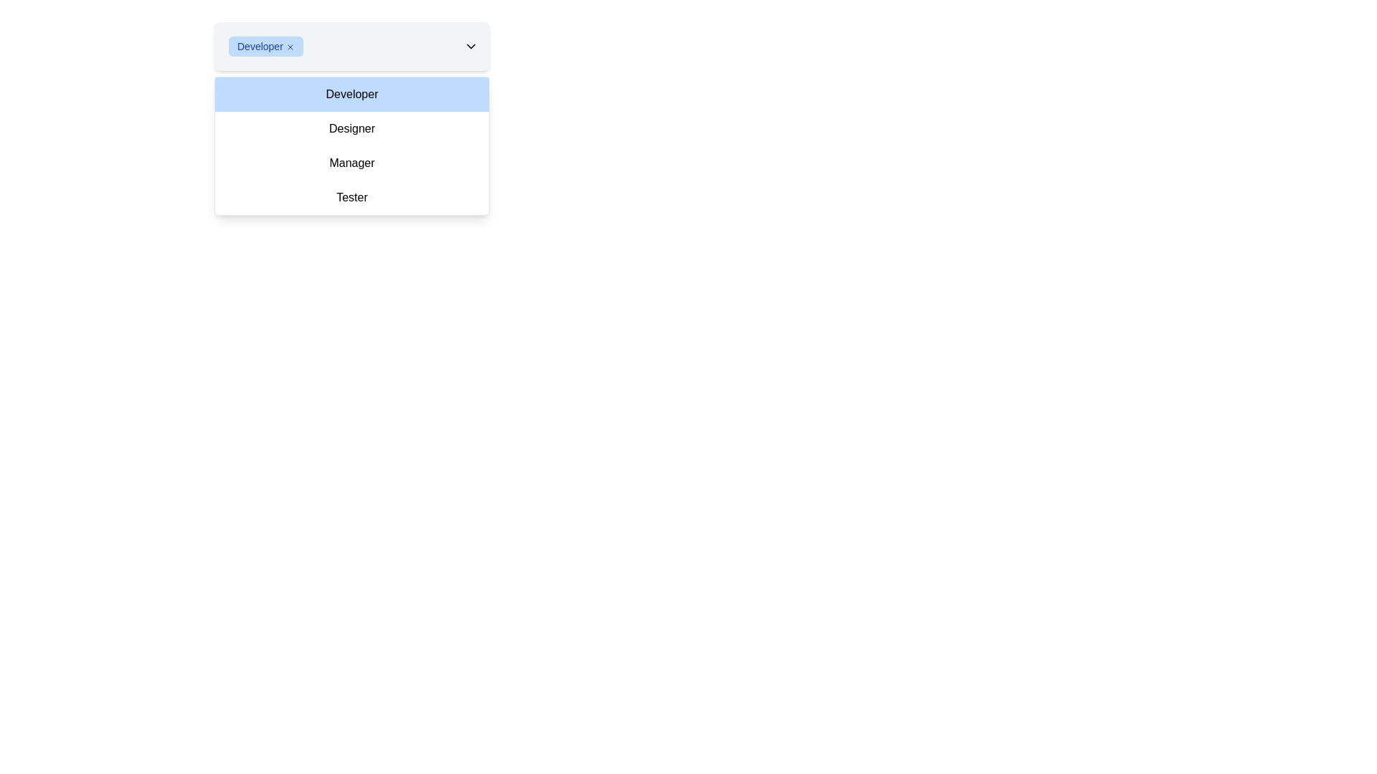 The height and width of the screenshot is (774, 1377). I want to click on the 'x' icon on the blue 'Developer' tag, so click(265, 46).